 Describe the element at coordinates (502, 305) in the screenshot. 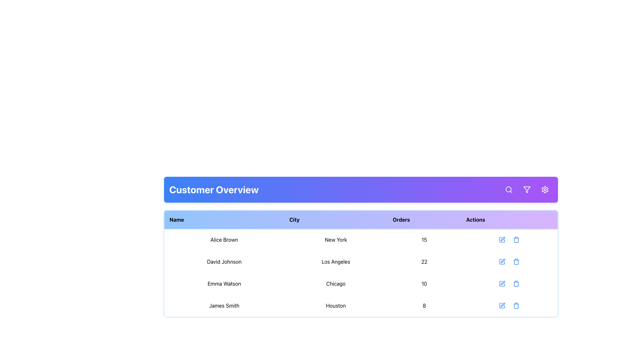

I see `the edit icon located in the 'Actions' column of the last row of the table below the 'Customer Overview' heading` at that location.